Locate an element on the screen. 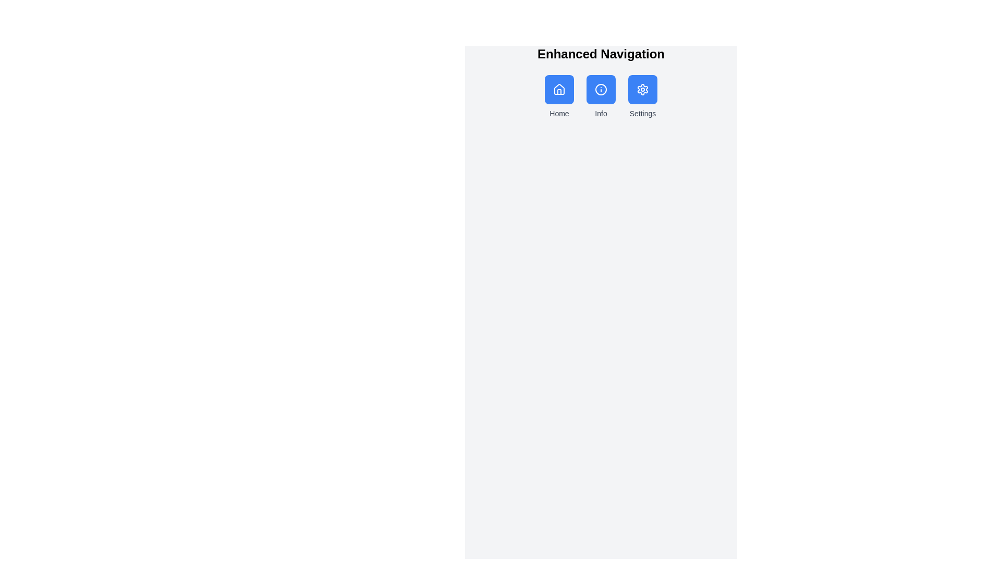  the text label that displays 'Settings', located at the bottom of the card-like structure is located at coordinates (642, 114).